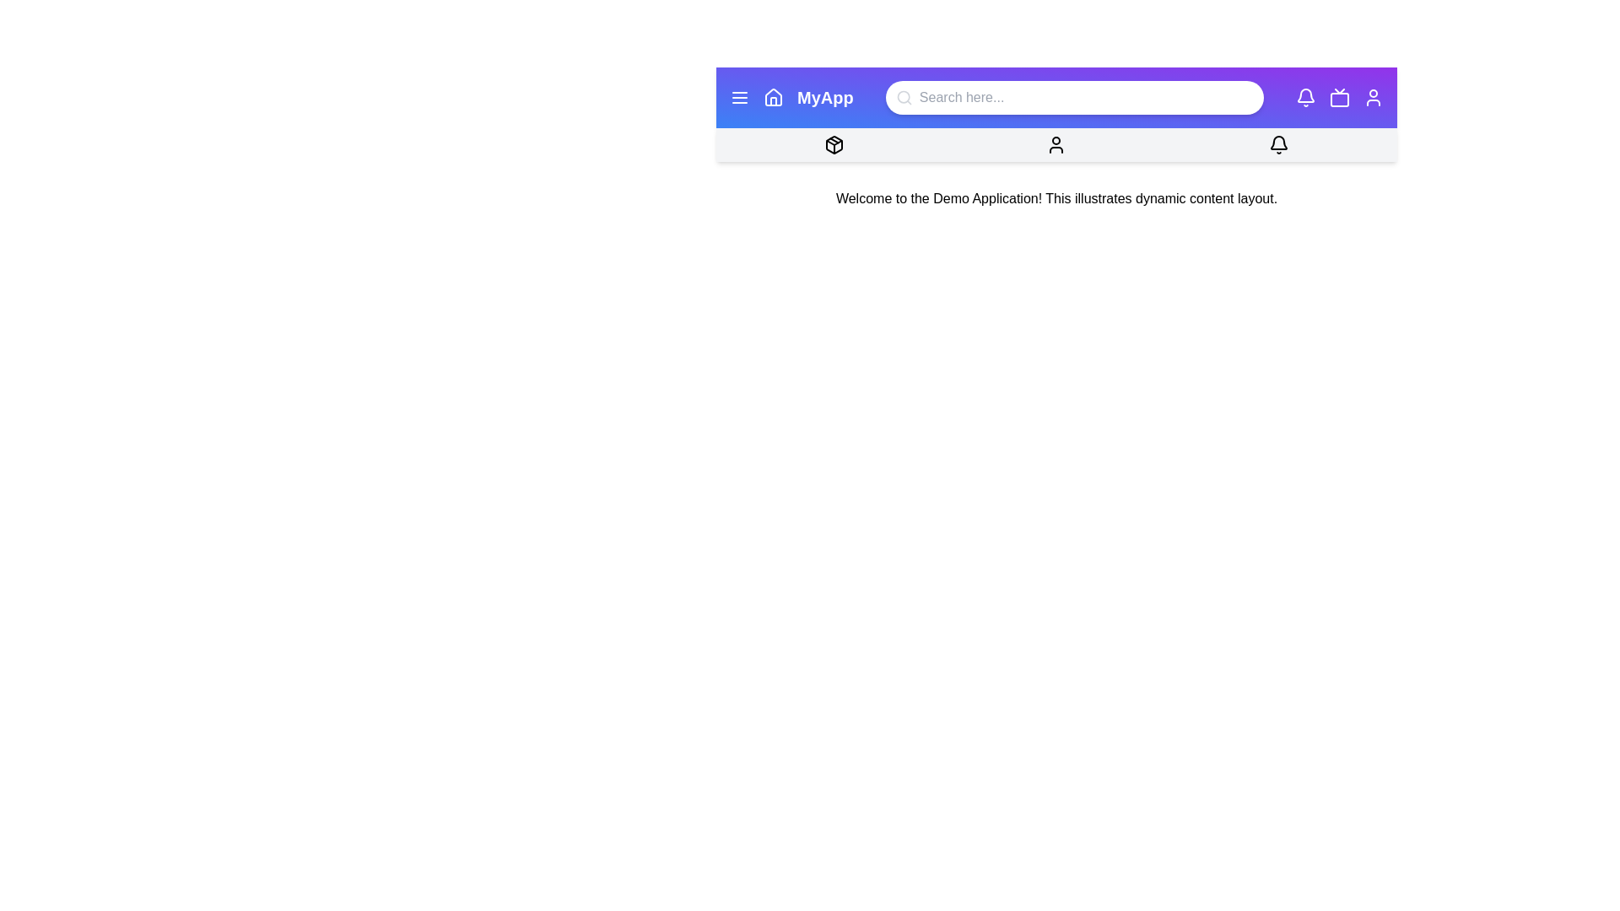  What do you see at coordinates (1072, 97) in the screenshot?
I see `the search input field to focus on it` at bounding box center [1072, 97].